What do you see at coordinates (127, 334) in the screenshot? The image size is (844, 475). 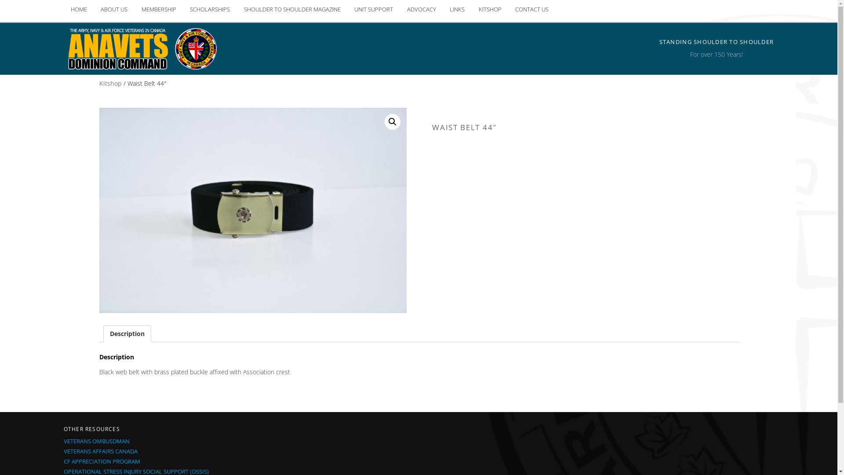 I see `'Description'` at bounding box center [127, 334].